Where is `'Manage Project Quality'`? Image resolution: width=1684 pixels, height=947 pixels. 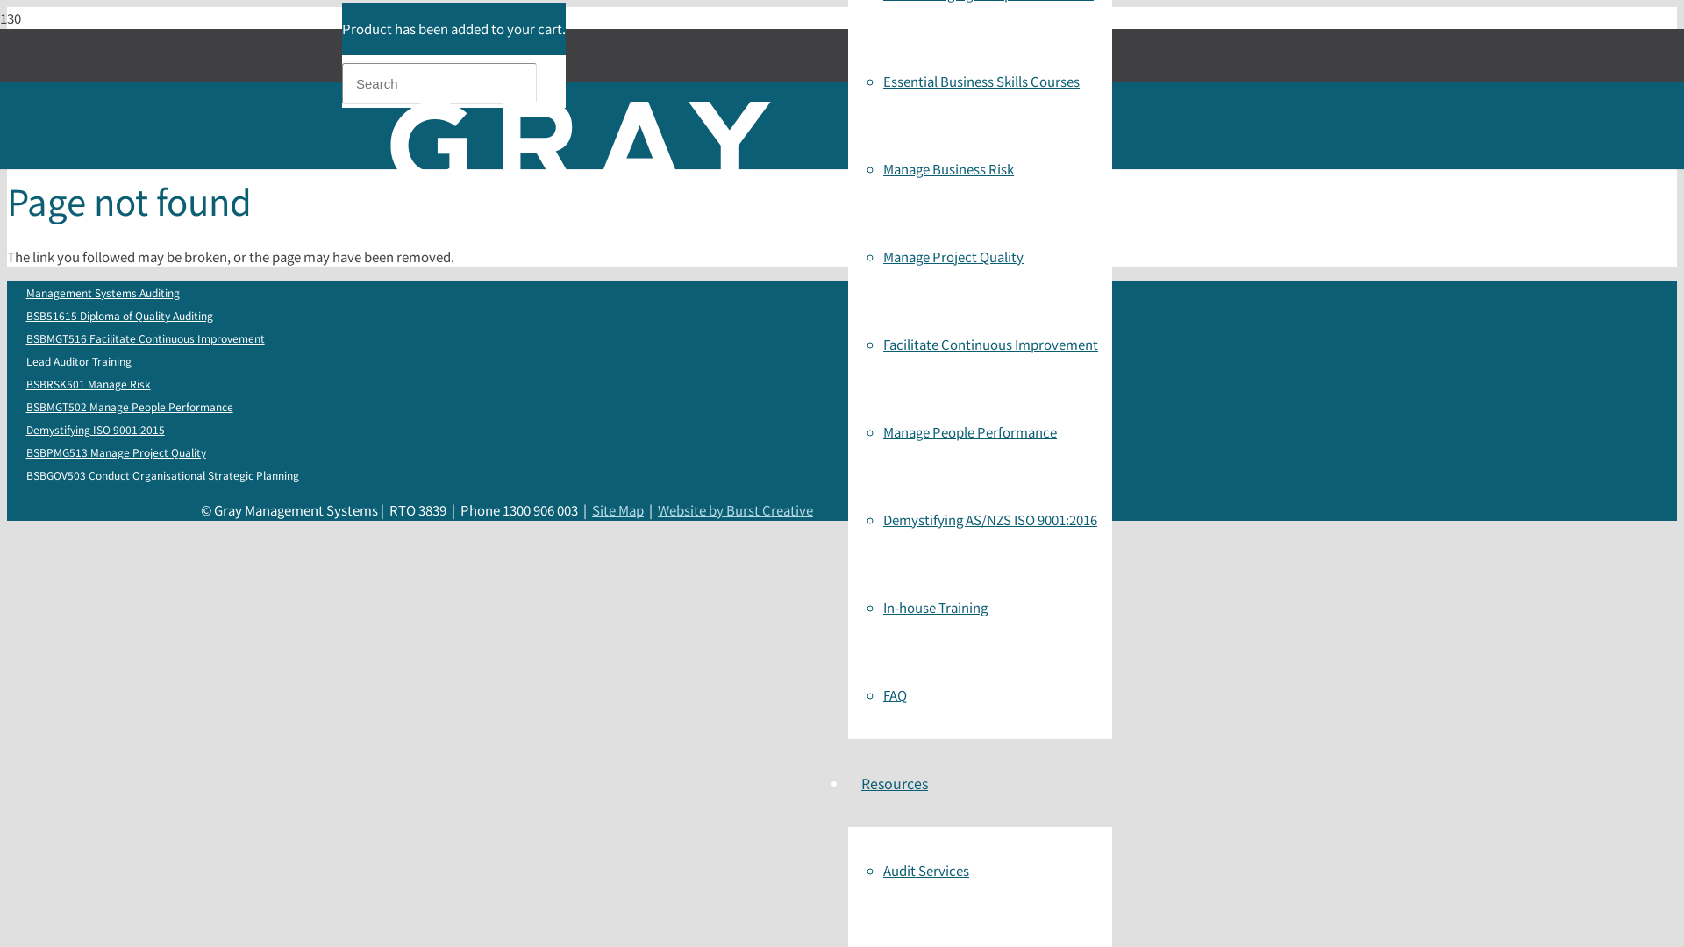 'Manage Project Quality' is located at coordinates (952, 256).